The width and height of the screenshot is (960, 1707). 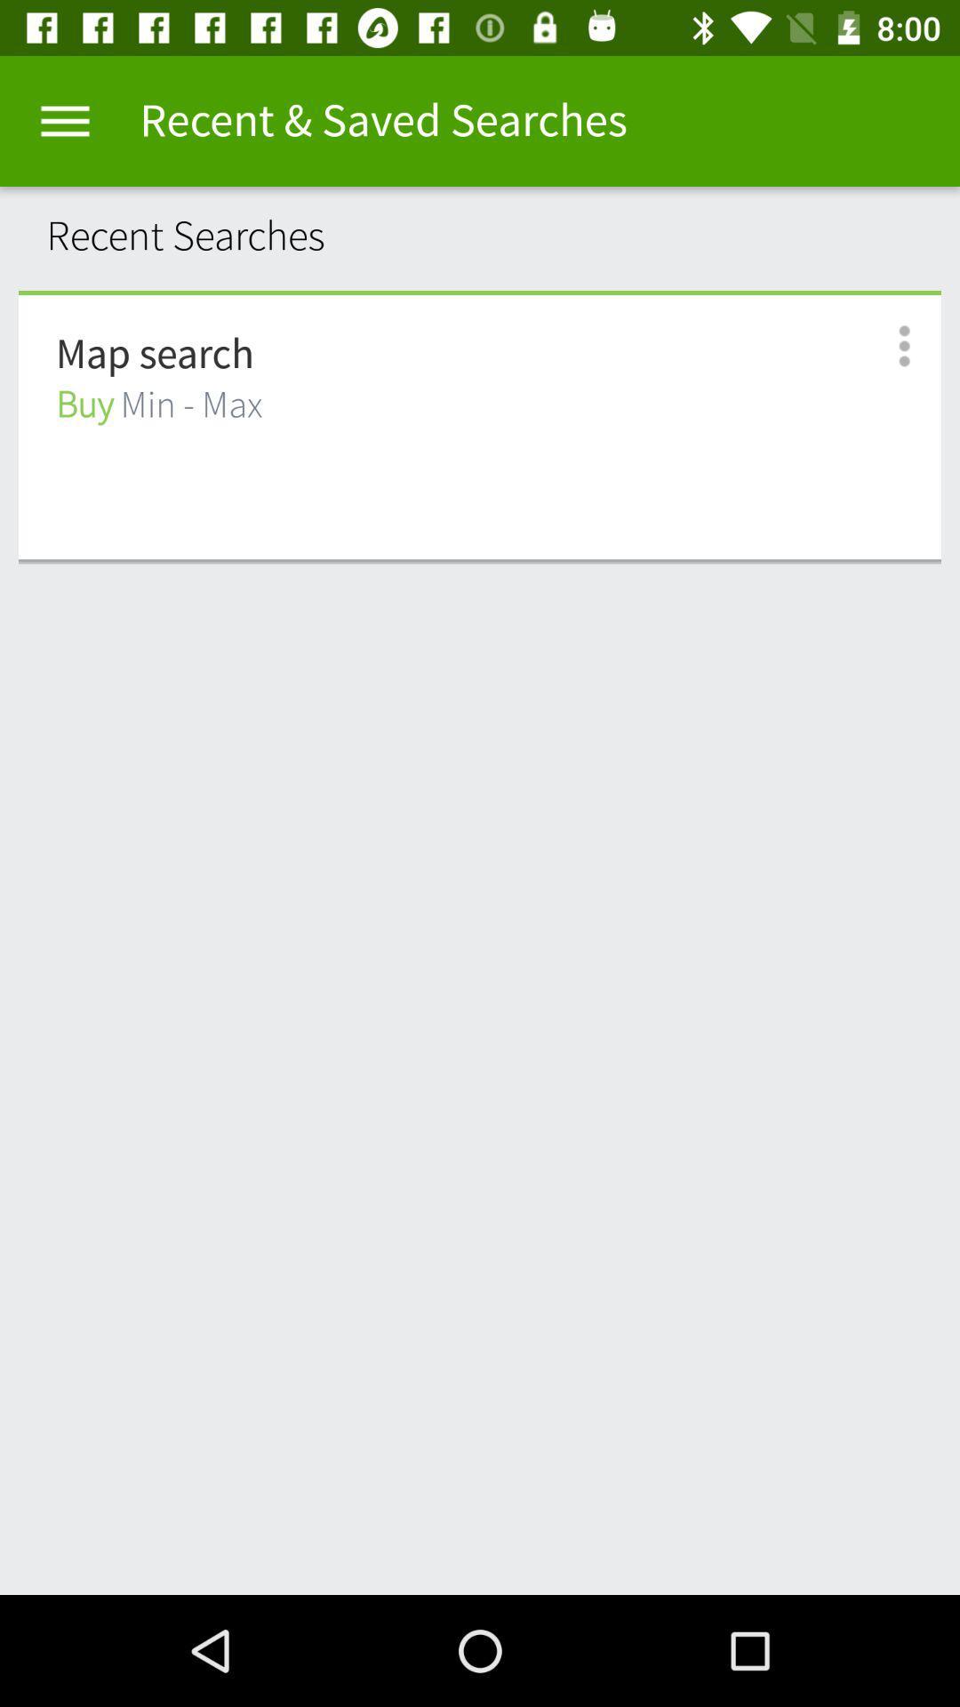 What do you see at coordinates (154, 355) in the screenshot?
I see `the item above buy min - max icon` at bounding box center [154, 355].